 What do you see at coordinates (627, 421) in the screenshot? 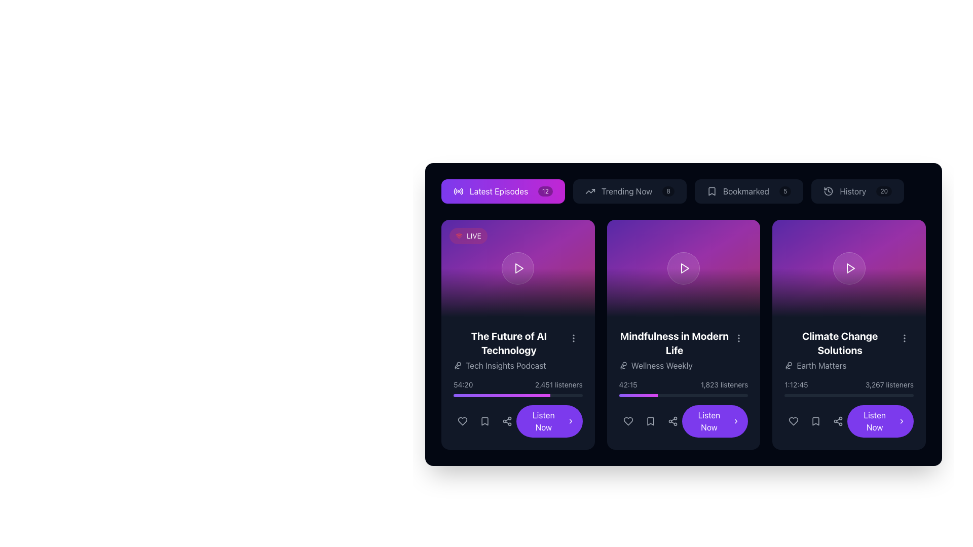
I see `the heart-shaped icon with a gray outline located at the bottom of the second card` at bounding box center [627, 421].